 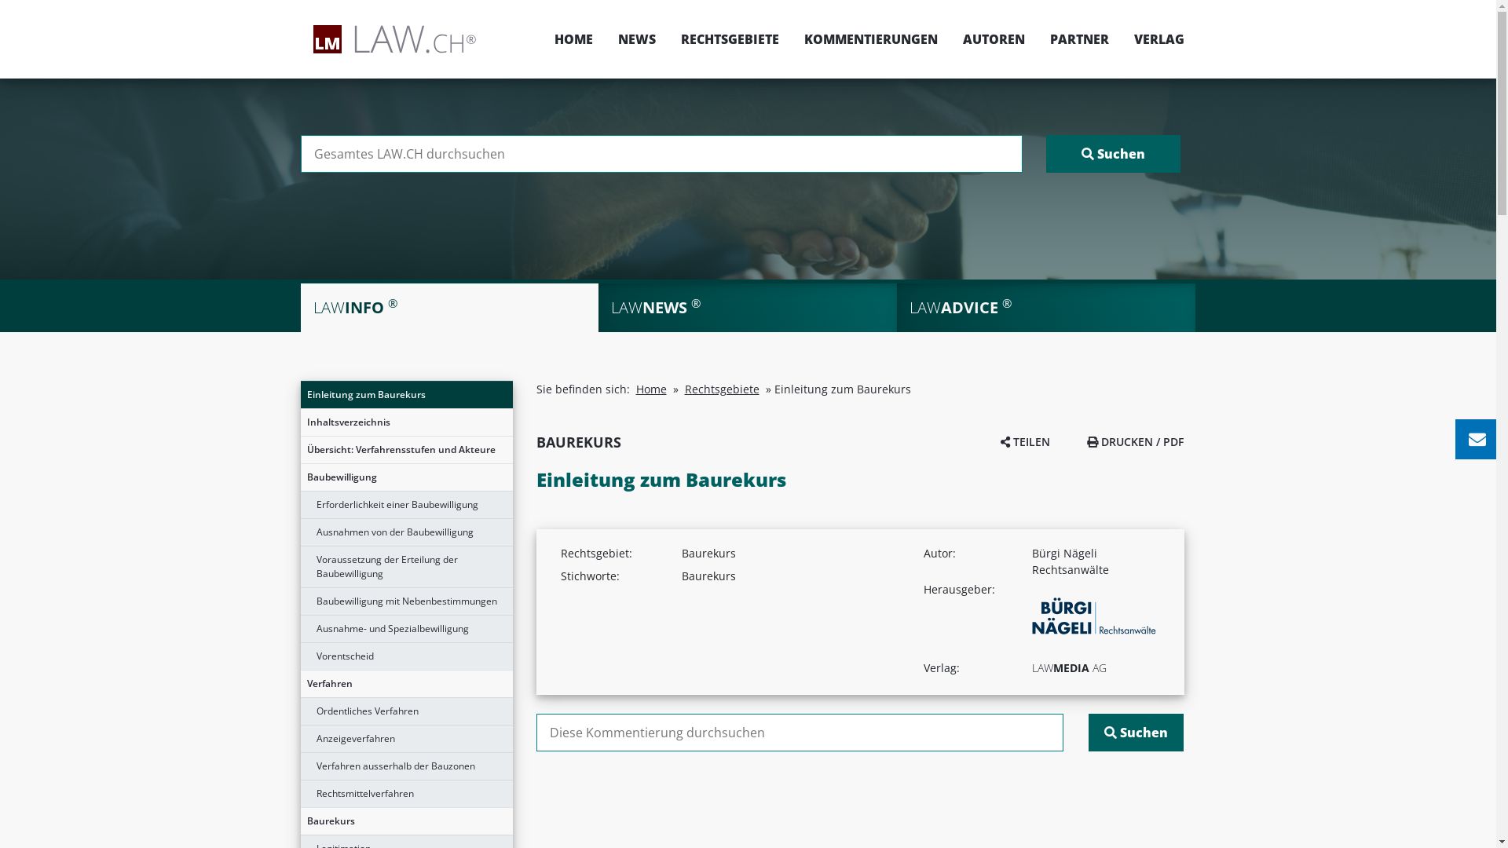 What do you see at coordinates (406, 421) in the screenshot?
I see `'Inhaltsverzeichnis'` at bounding box center [406, 421].